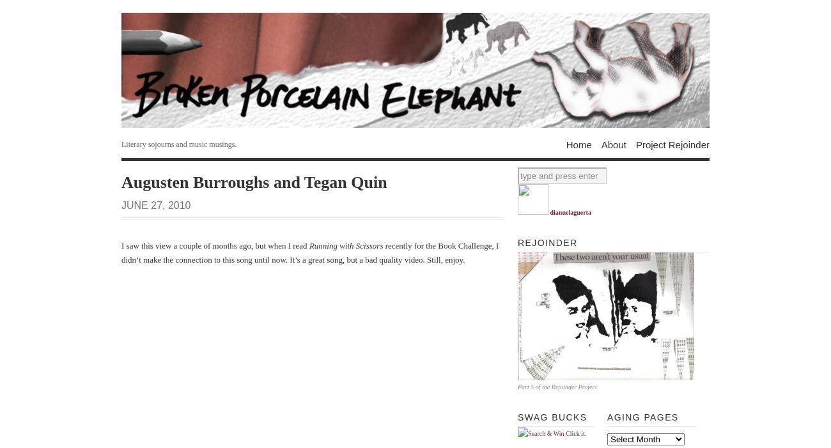  What do you see at coordinates (179, 144) in the screenshot?
I see `'Literary sojourns and music musings.'` at bounding box center [179, 144].